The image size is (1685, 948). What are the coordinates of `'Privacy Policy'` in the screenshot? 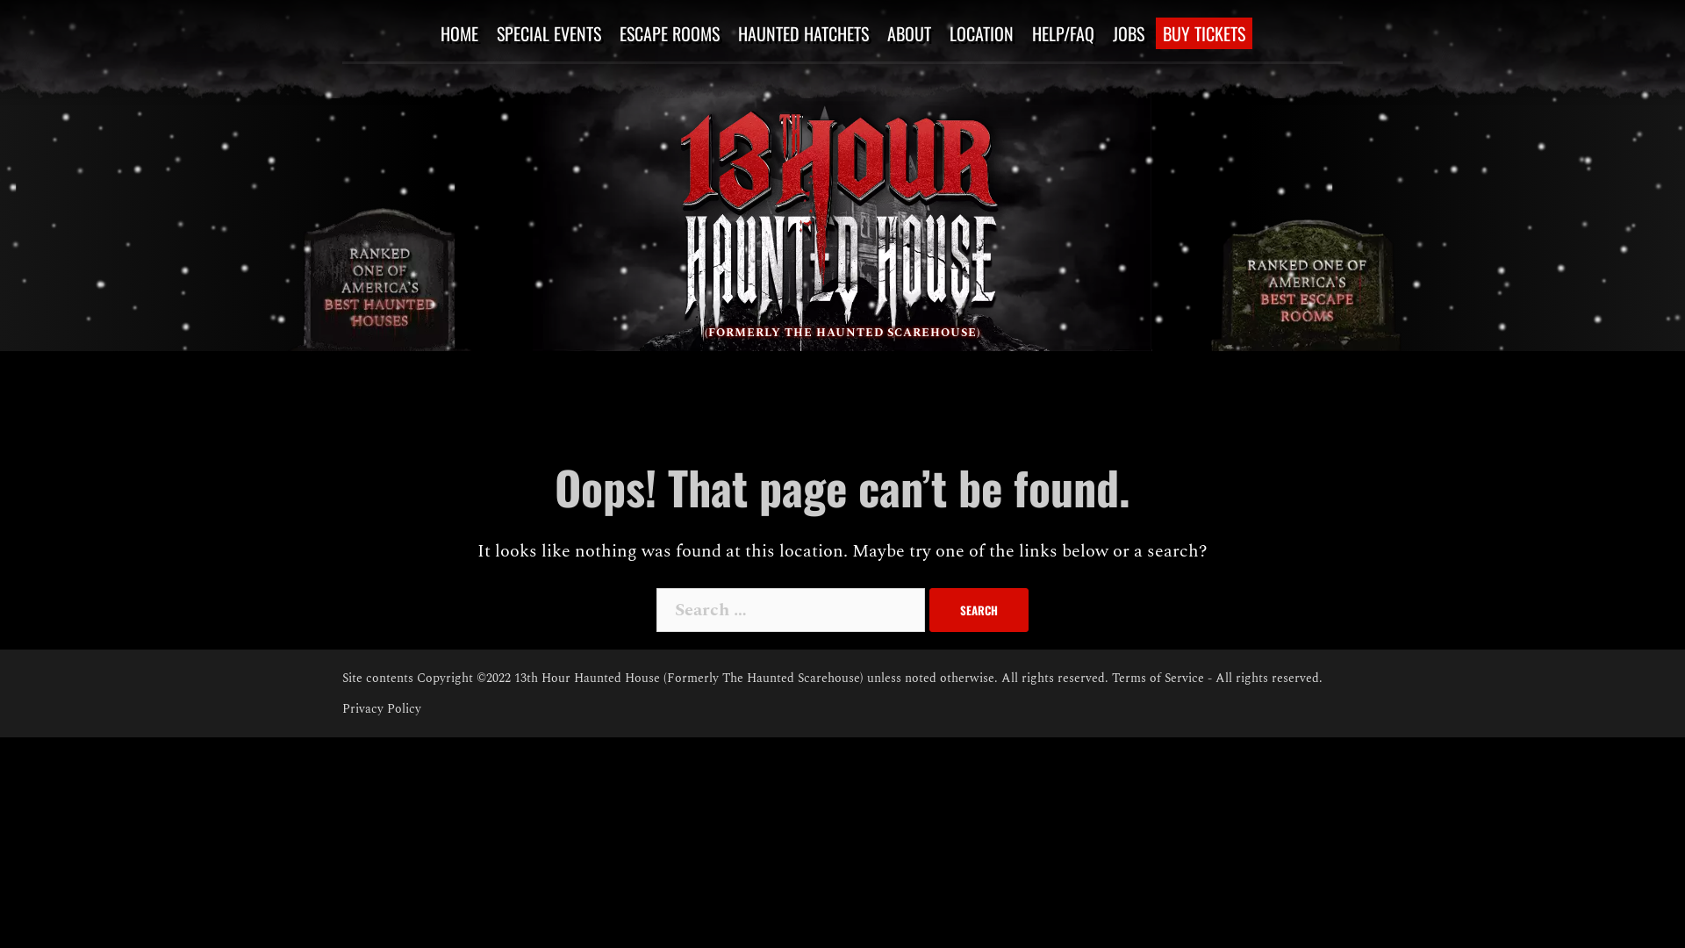 It's located at (381, 707).